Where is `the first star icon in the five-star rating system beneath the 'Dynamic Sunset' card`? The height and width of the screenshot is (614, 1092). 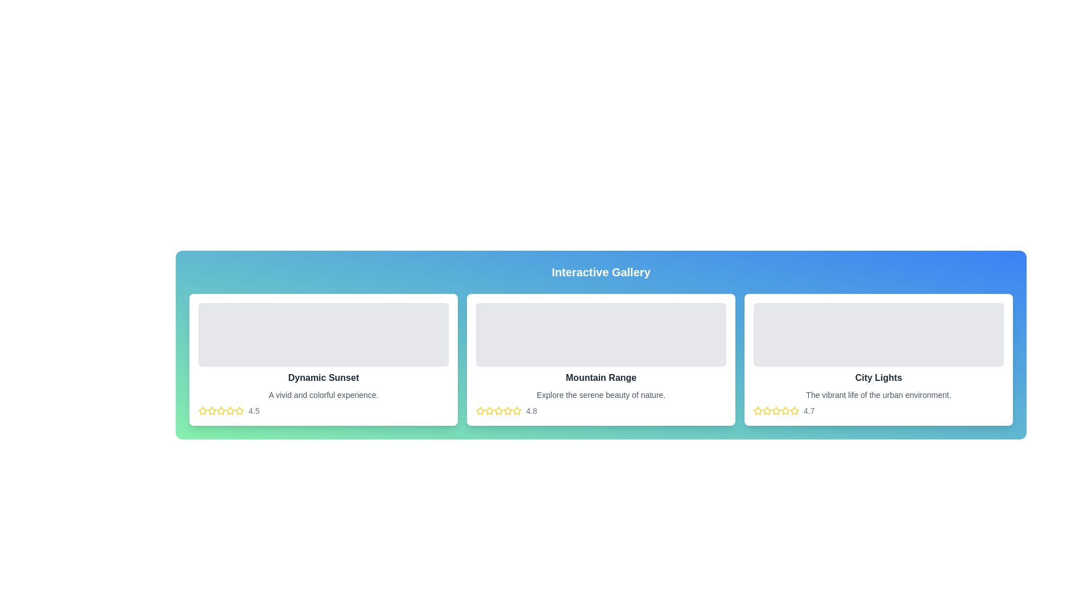
the first star icon in the five-star rating system beneath the 'Dynamic Sunset' card is located at coordinates (202, 410).